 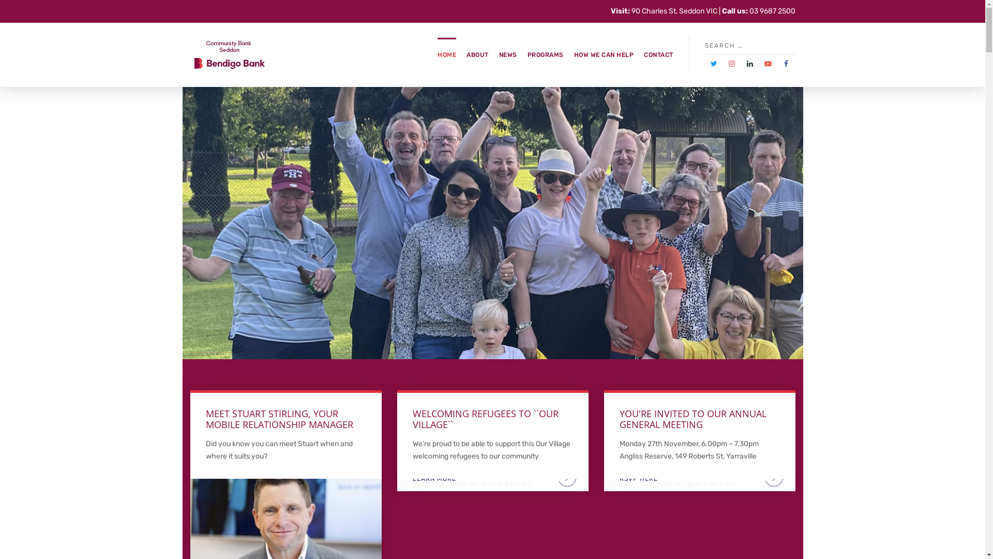 What do you see at coordinates (670, 484) in the screenshot?
I see `'Screen Shot 2023-10-16 at 2.18.11 pm'` at bounding box center [670, 484].